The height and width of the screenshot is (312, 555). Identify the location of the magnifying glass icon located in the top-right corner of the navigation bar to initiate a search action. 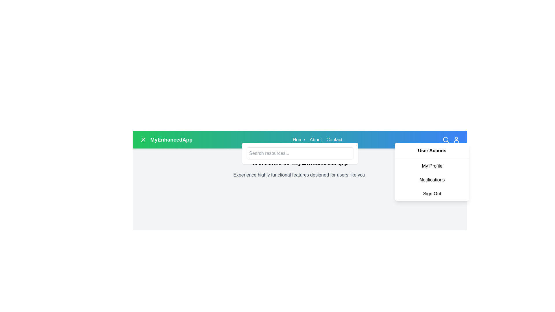
(445, 140).